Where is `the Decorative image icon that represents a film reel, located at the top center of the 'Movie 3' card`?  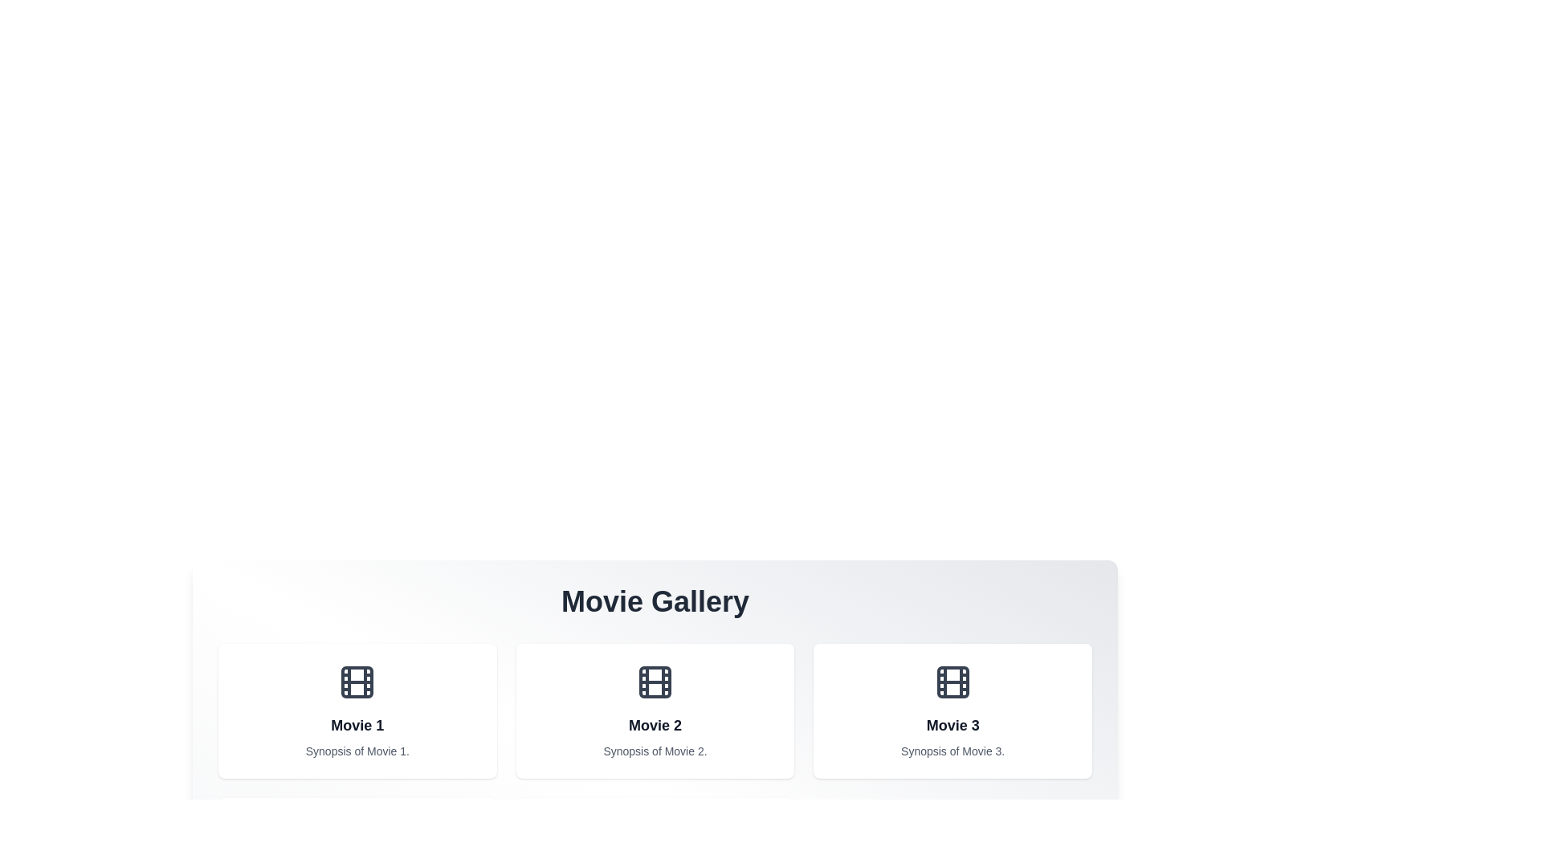 the Decorative image icon that represents a film reel, located at the top center of the 'Movie 3' card is located at coordinates (953, 682).